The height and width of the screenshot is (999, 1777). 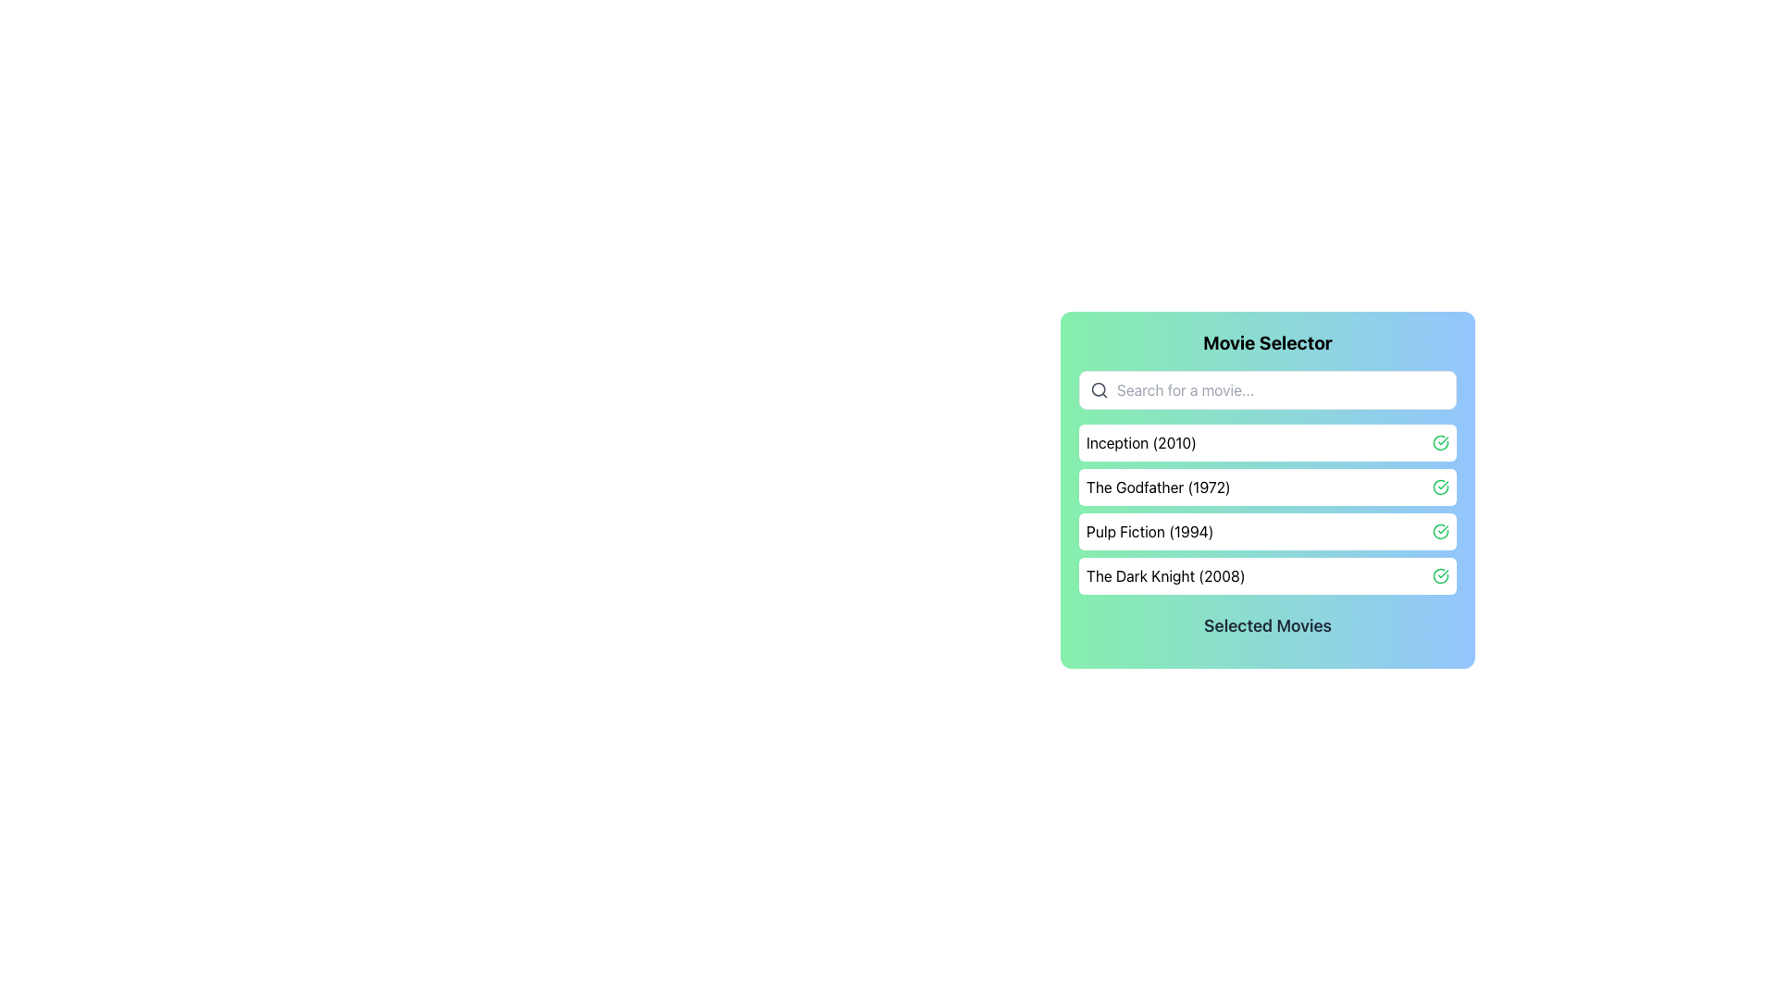 I want to click on the text label 'Pulp Fiction (1994)' that is the third item in the vertically stacked list within the 'Movie Selector' panel to interact with it, so click(x=1149, y=531).